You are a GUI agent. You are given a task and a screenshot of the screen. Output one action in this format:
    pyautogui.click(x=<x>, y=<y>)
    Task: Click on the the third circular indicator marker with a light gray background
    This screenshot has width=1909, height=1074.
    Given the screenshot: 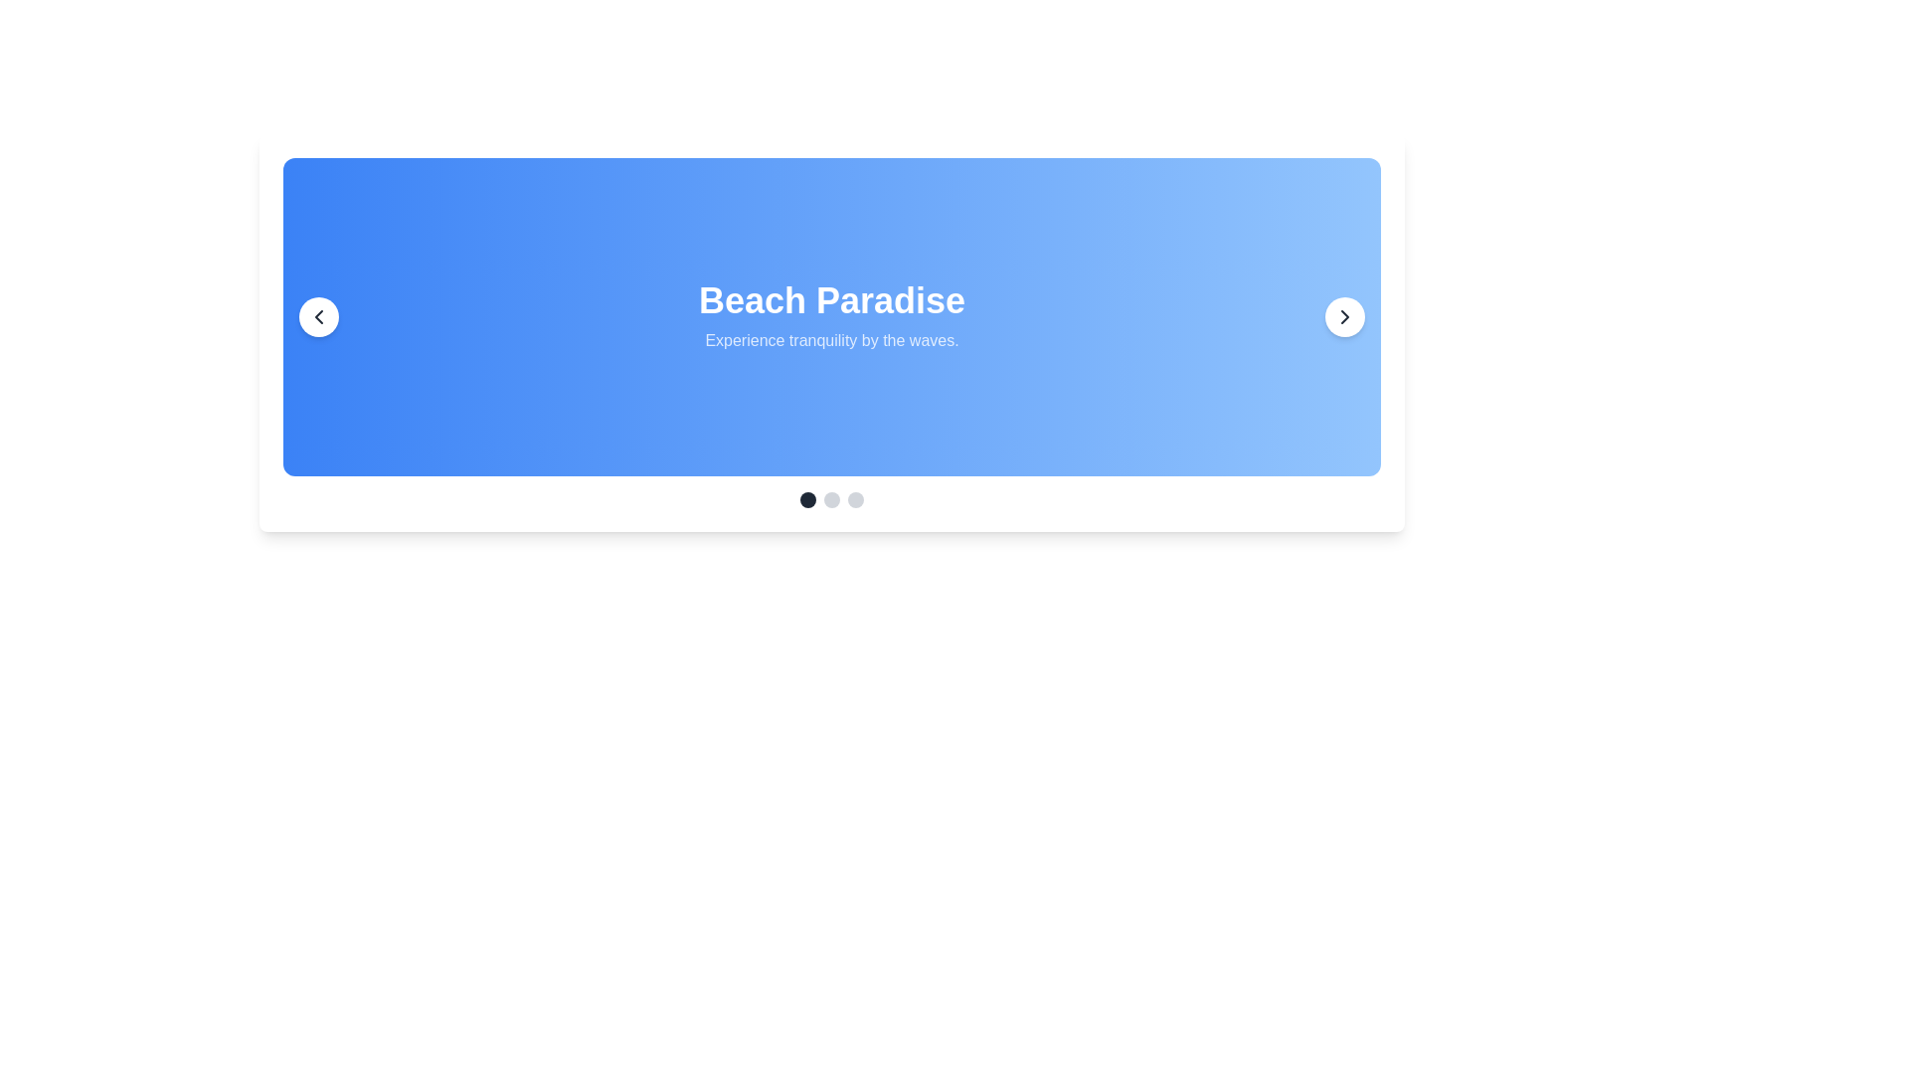 What is the action you would take?
    pyautogui.click(x=855, y=498)
    